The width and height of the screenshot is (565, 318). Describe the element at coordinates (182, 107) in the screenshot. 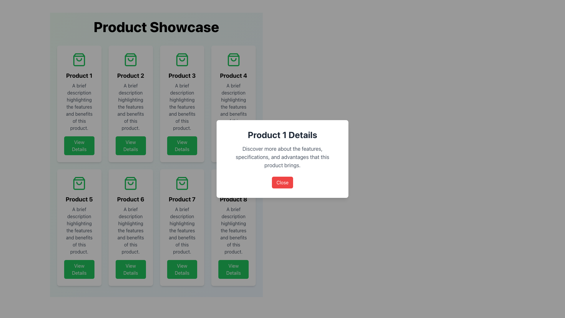

I see `the text block located in the middle of the card labeled 'Product 3', positioned between the title 'Product 3' and the button 'View Details'` at that location.